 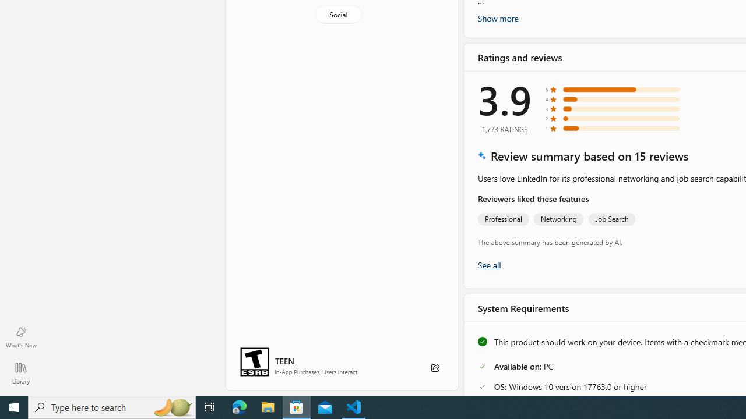 What do you see at coordinates (20, 372) in the screenshot?
I see `'Library'` at bounding box center [20, 372].